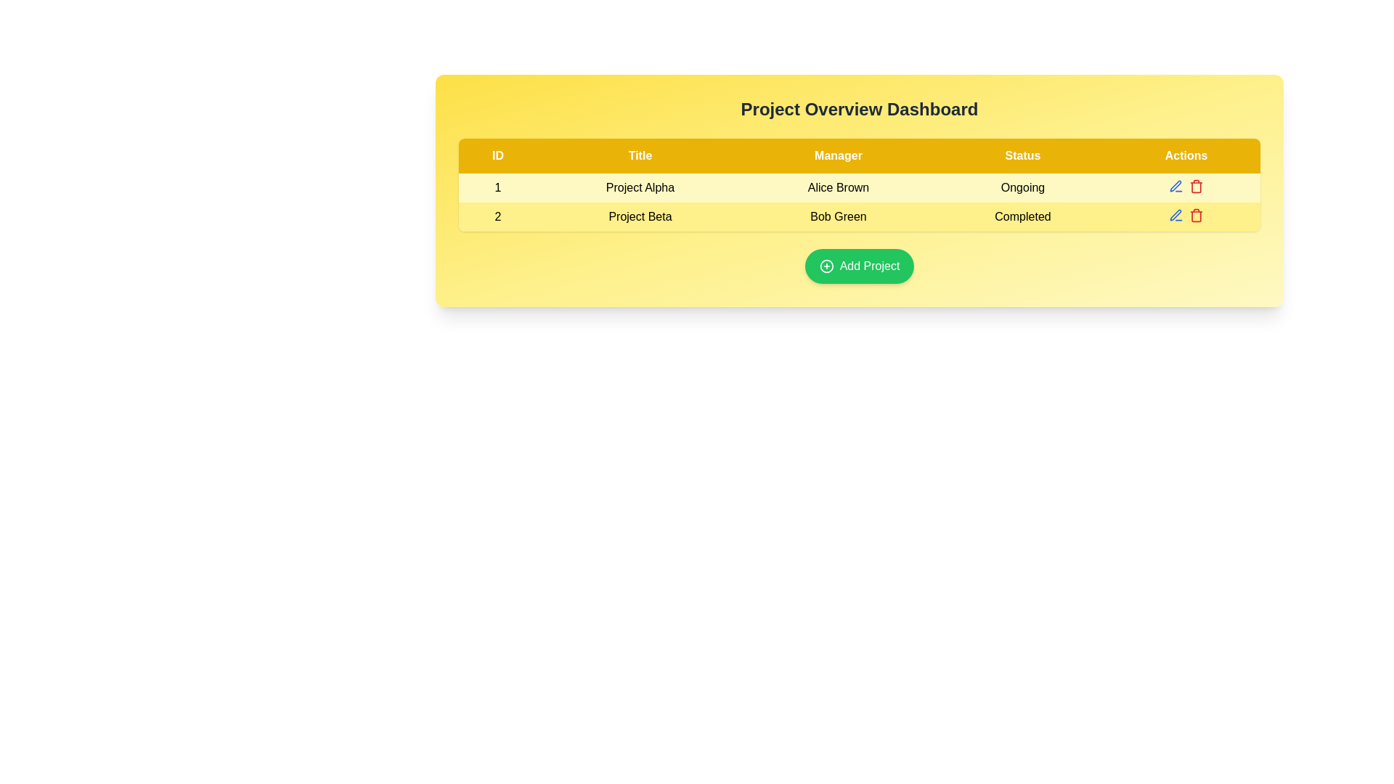  Describe the element at coordinates (498, 217) in the screenshot. I see `numeral '2' located in the first column of the second row of the table within the 'Project Overview Dashboard', which is styled in black and centered in a light yellow rectangular cell` at that location.